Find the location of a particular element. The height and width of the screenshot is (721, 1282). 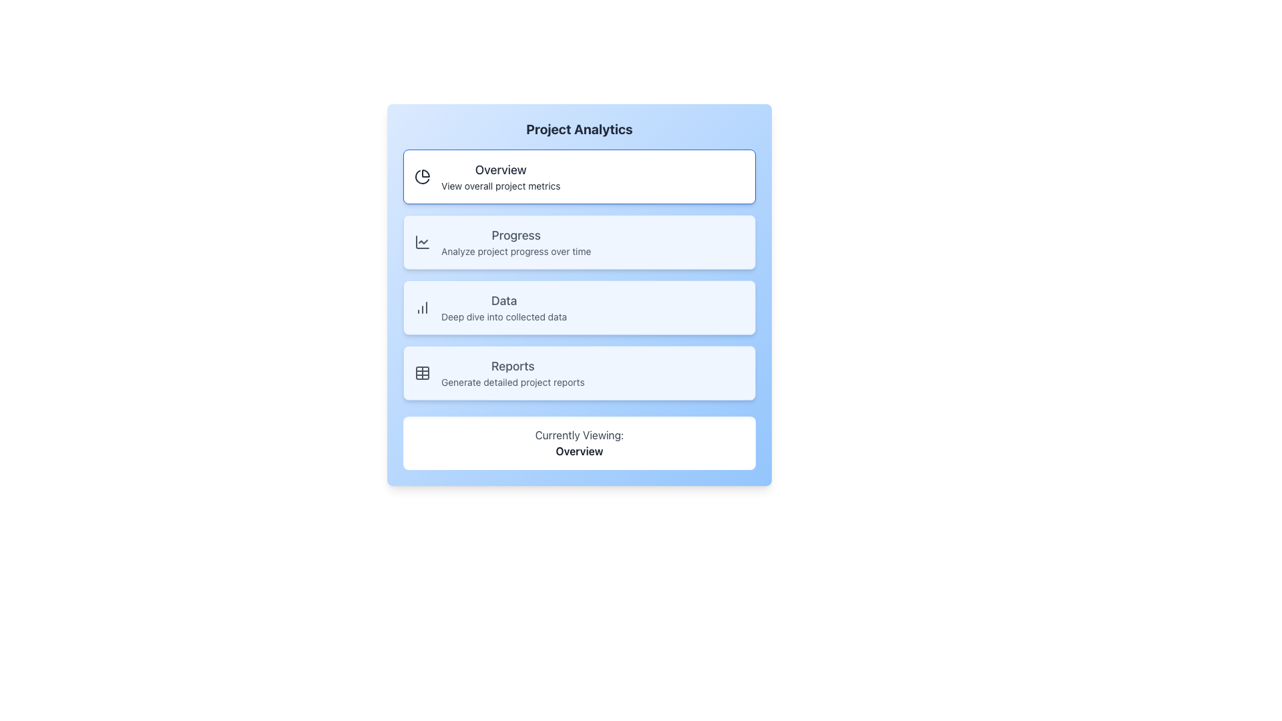

the second clickable card in the vertical list for project progress analysis is located at coordinates (580, 242).